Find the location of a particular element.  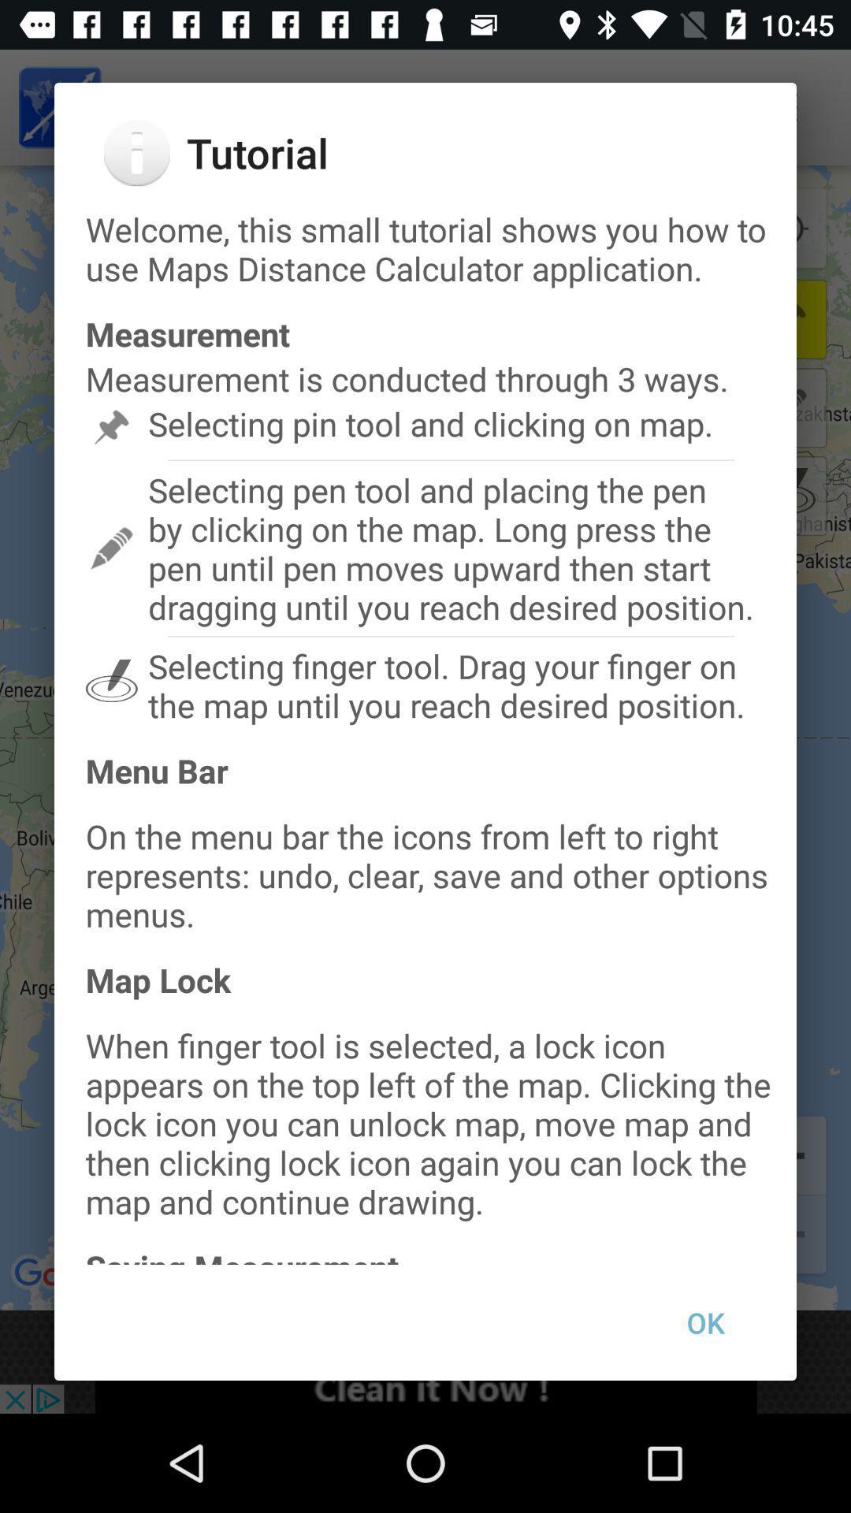

ok is located at coordinates (704, 1322).